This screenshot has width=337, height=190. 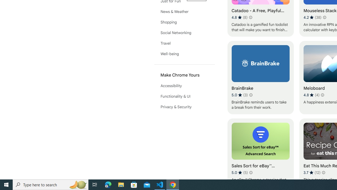 I want to click on 'Shopping', so click(x=184, y=22).